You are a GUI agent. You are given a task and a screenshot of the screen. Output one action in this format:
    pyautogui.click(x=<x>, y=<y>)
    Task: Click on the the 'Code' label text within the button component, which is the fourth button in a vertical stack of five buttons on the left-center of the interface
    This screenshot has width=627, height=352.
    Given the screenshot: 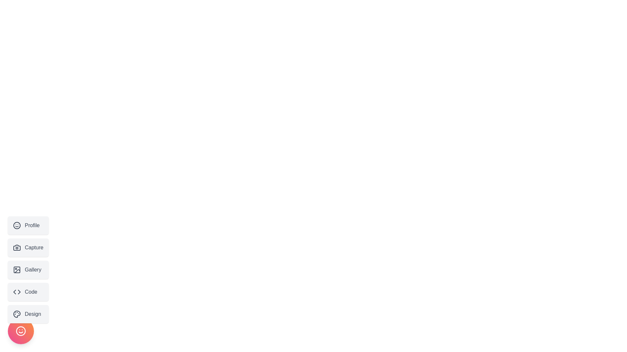 What is the action you would take?
    pyautogui.click(x=31, y=291)
    